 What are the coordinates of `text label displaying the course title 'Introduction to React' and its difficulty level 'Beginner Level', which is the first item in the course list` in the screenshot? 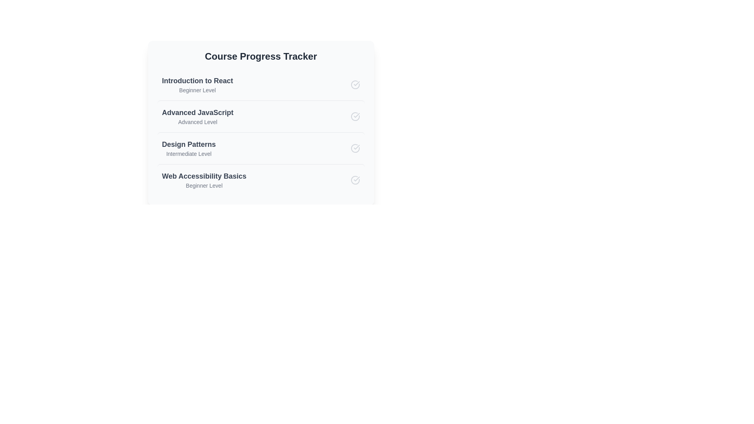 It's located at (198, 85).